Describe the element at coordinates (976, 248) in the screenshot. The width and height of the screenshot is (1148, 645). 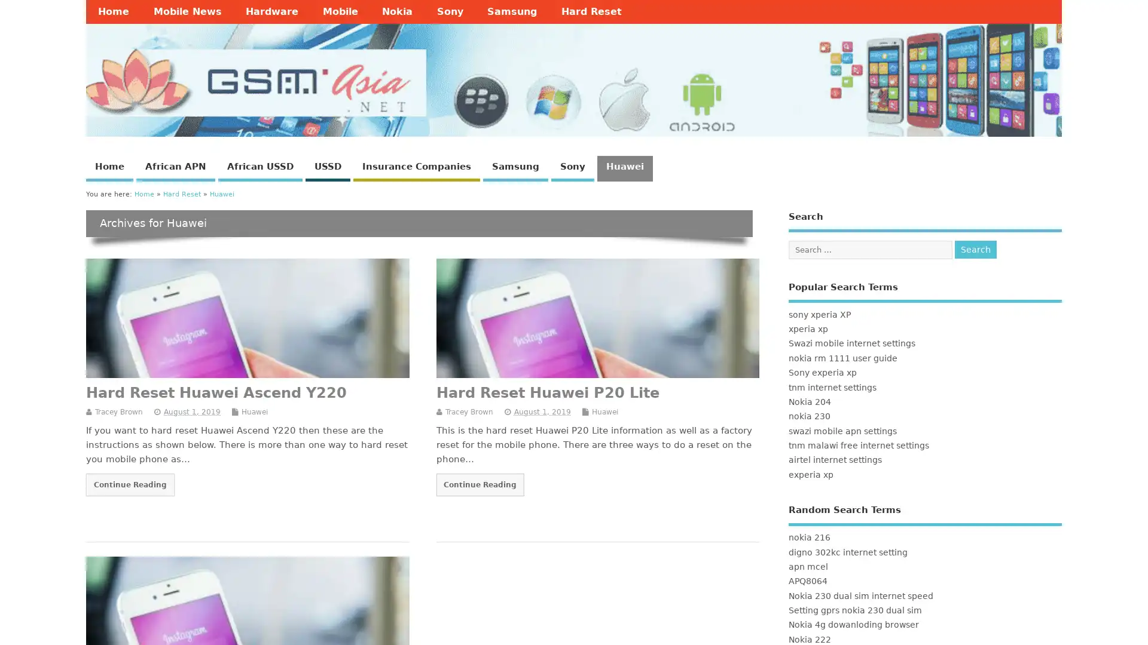
I see `Search` at that location.